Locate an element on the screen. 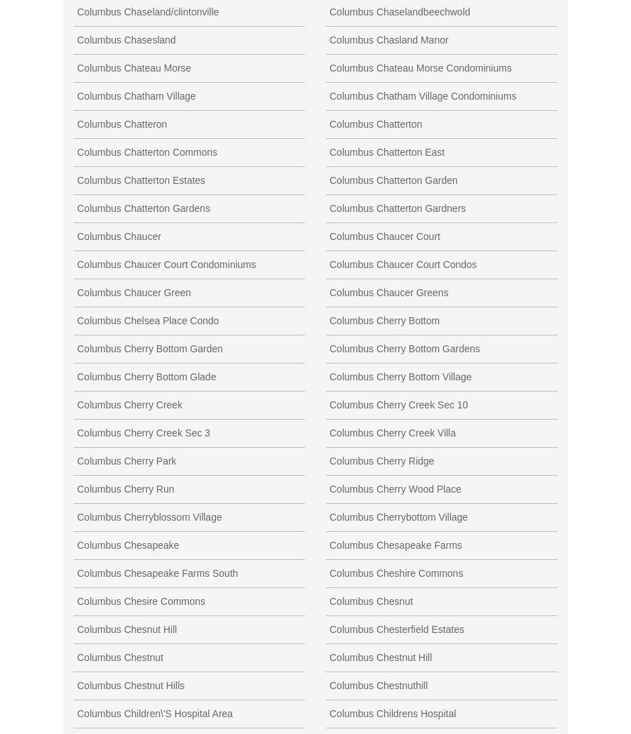 The width and height of the screenshot is (631, 734). 'Columbus Chesire Commons' is located at coordinates (140, 600).